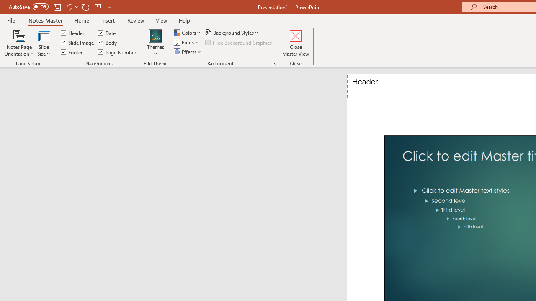  Describe the element at coordinates (296, 43) in the screenshot. I see `'Close Master View'` at that location.